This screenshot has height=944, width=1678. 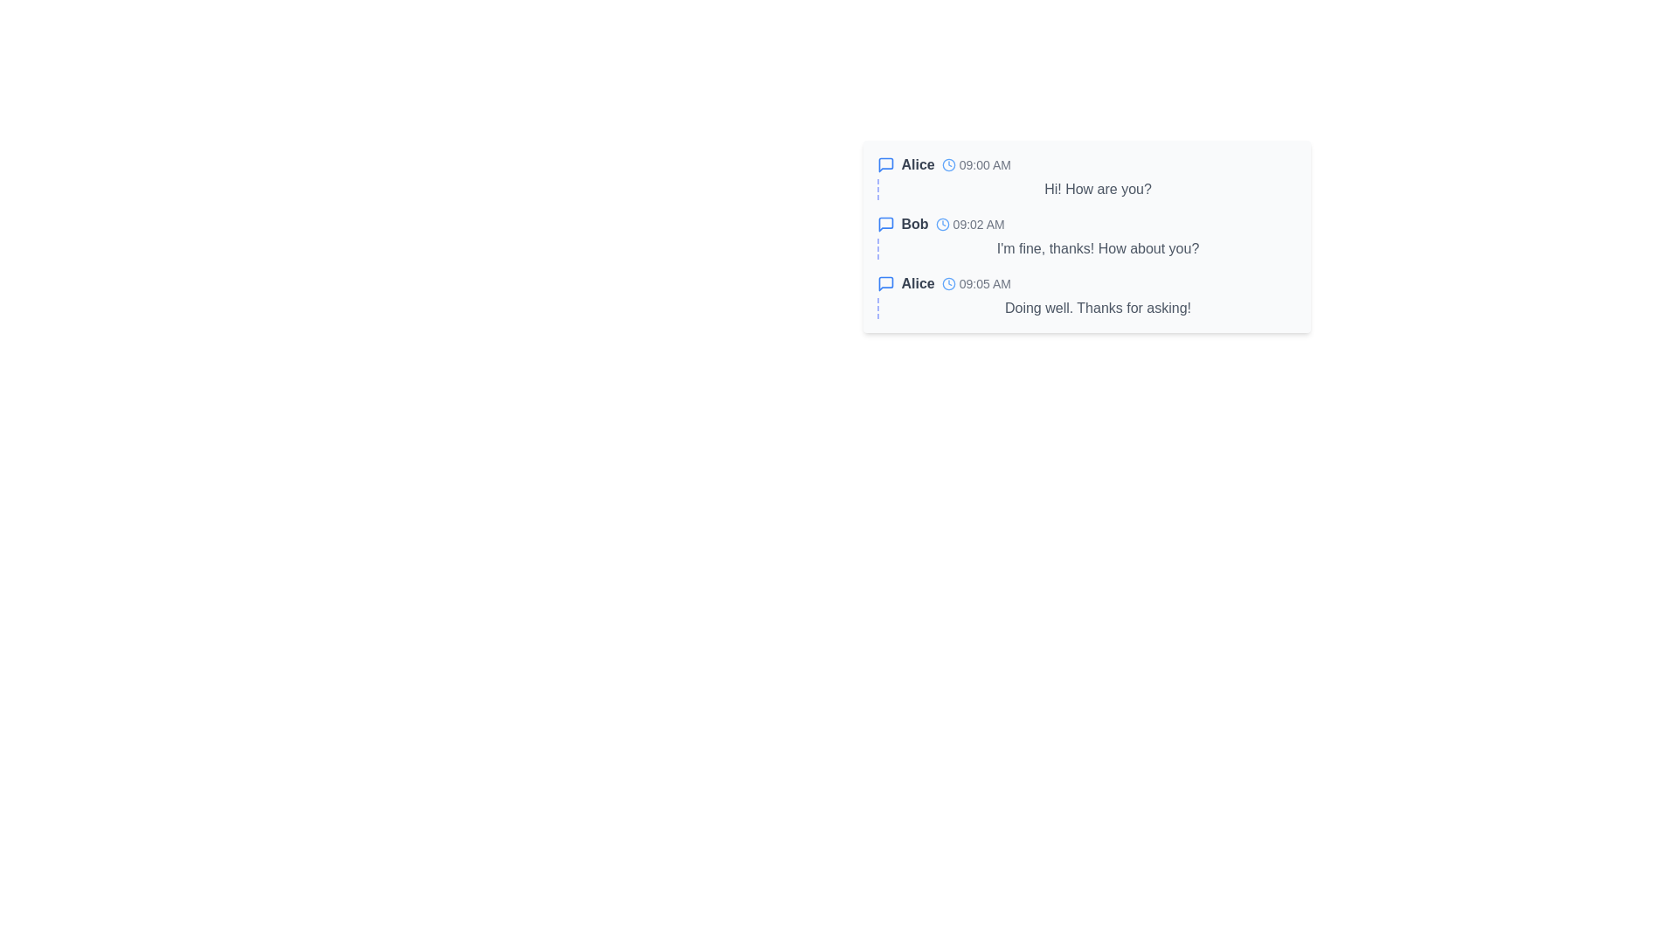 I want to click on the blue clock icon located next to the '09:00 AM' timestamp in the chat interface, so click(x=947, y=165).